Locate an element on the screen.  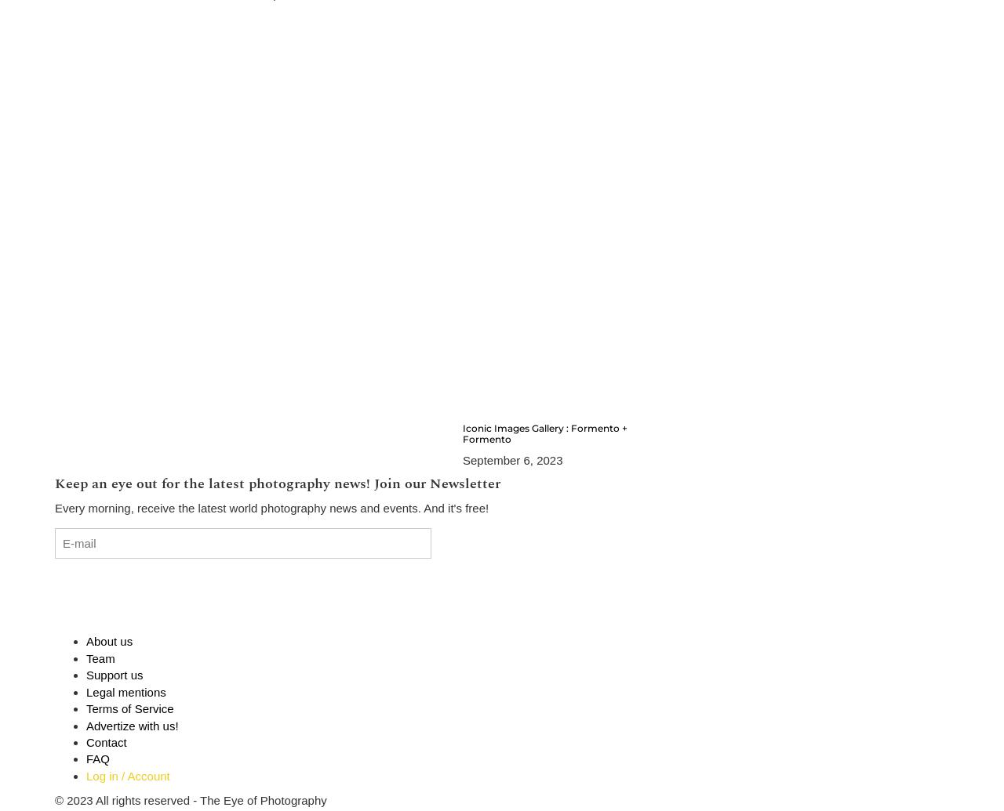
'Terms of Service' is located at coordinates (85, 708).